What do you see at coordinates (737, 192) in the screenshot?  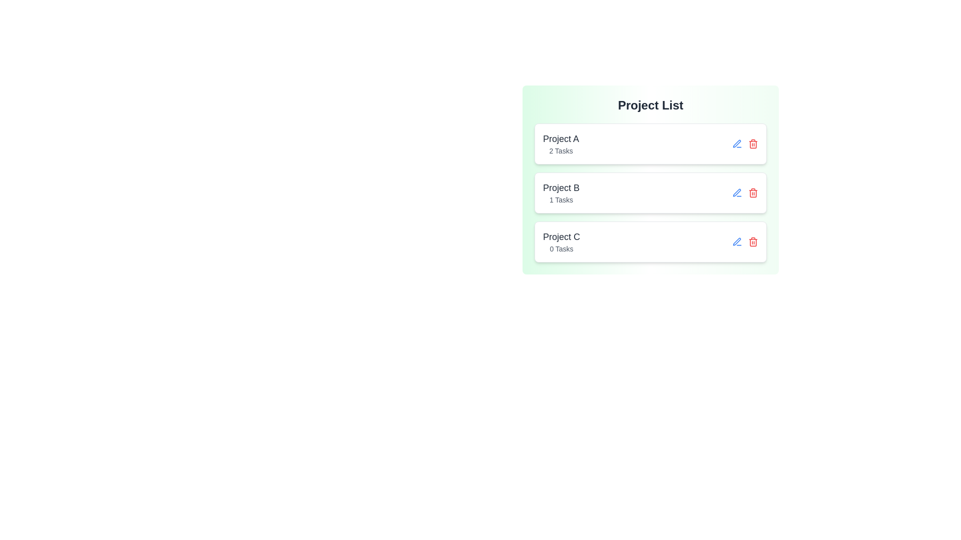 I see `the edit icon for project Project B` at bounding box center [737, 192].